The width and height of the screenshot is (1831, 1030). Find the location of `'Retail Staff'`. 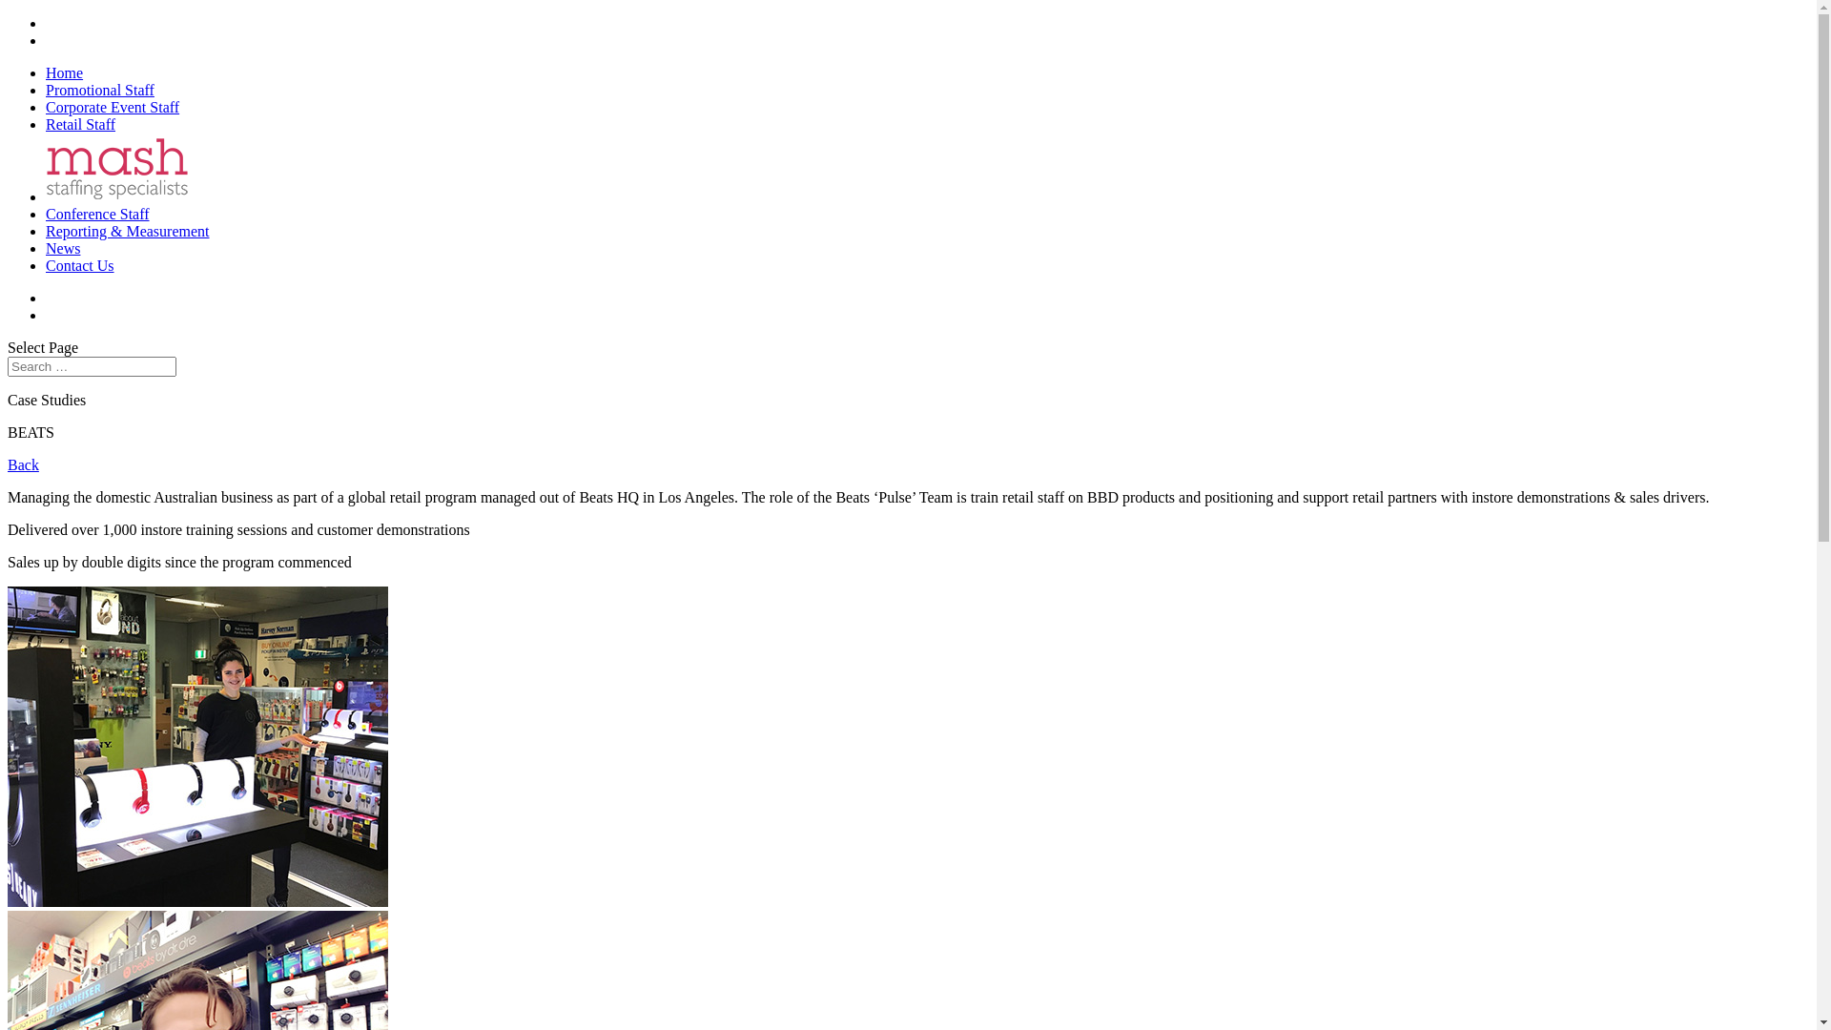

'Retail Staff' is located at coordinates (79, 124).